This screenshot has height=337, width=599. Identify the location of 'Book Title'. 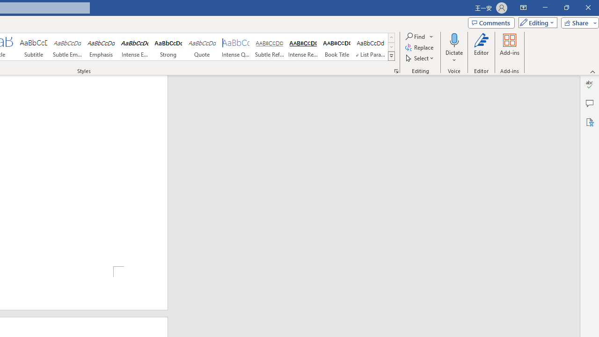
(337, 47).